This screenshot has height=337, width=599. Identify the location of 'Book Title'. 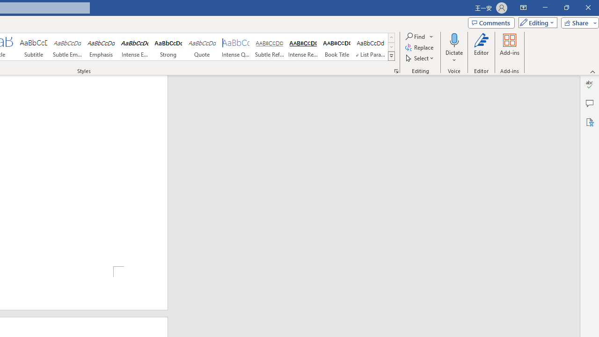
(337, 47).